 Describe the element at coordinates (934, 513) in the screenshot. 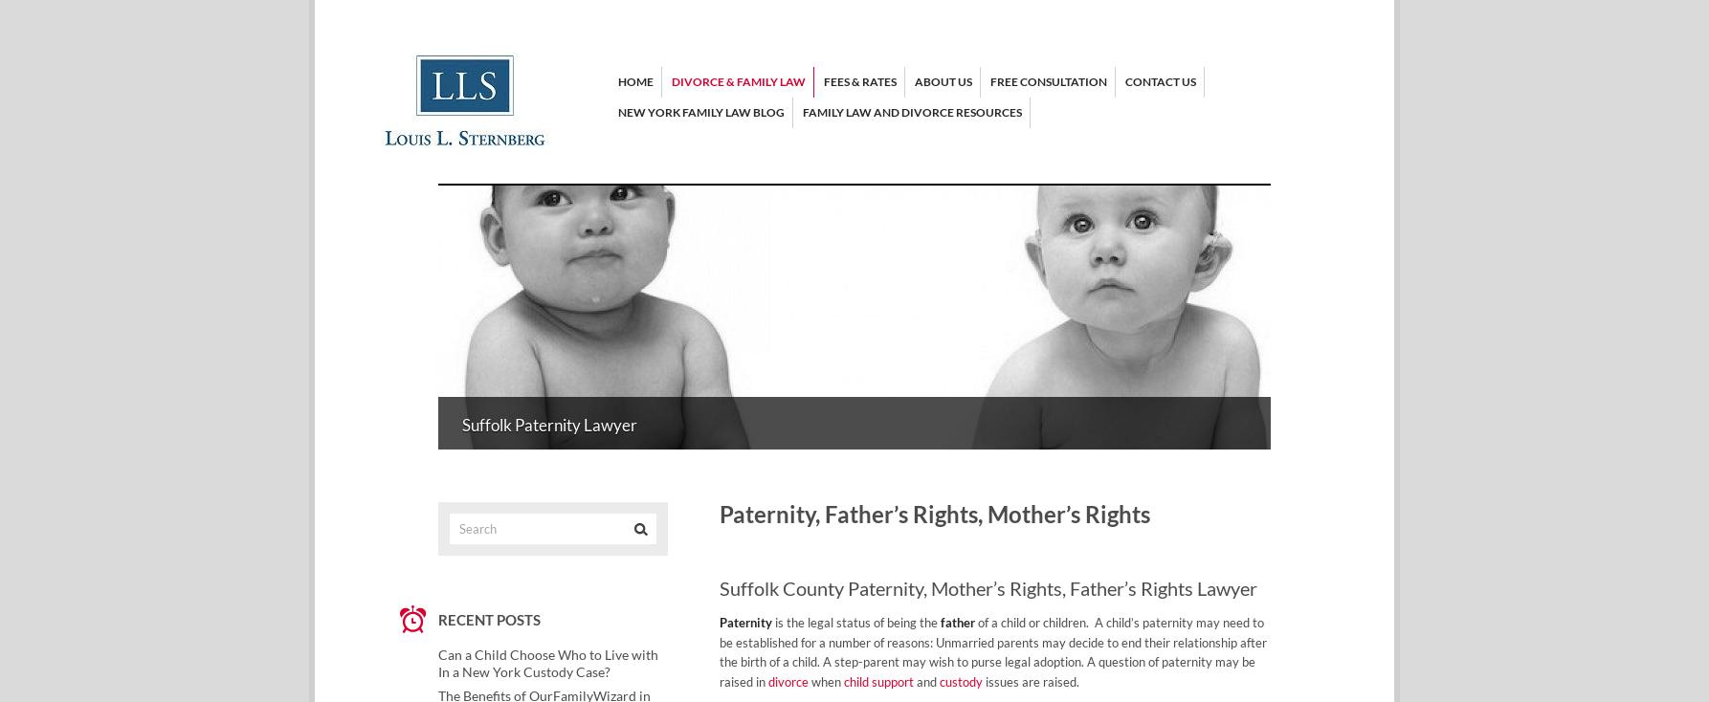

I see `'Paternity, Father’s Rights, Mother’s Rights'` at that location.